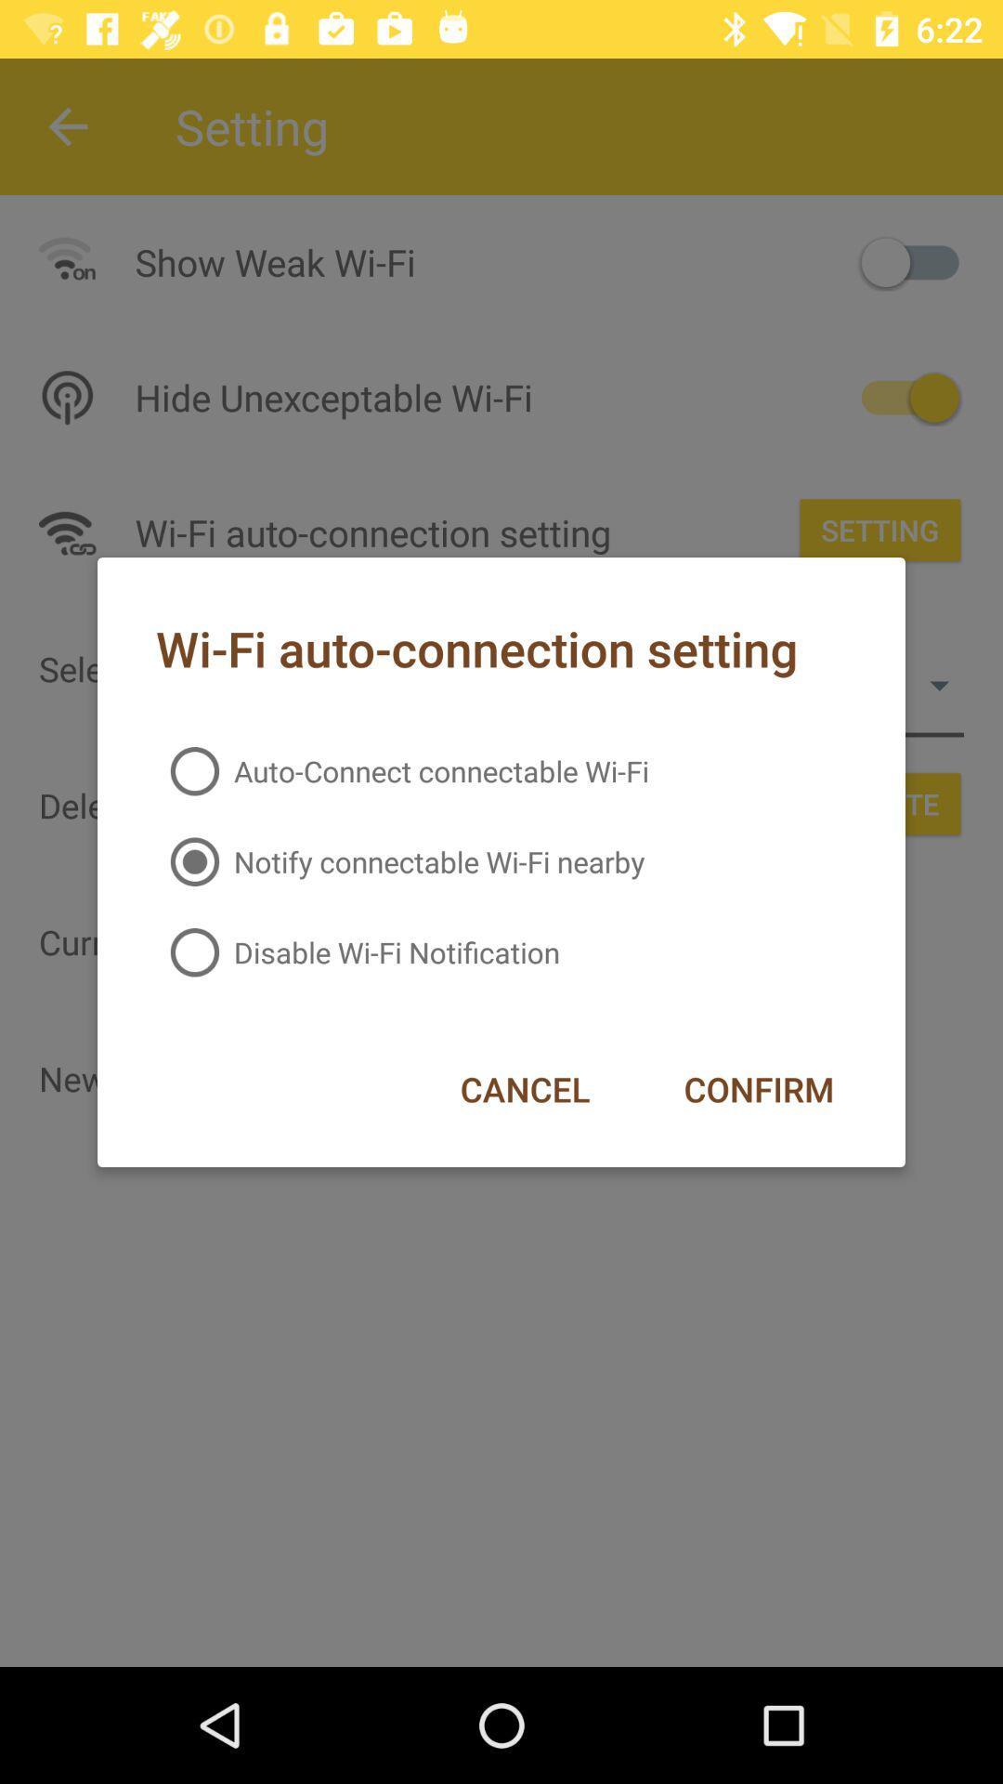  Describe the element at coordinates (759, 1089) in the screenshot. I see `item to the right of the cancel item` at that location.